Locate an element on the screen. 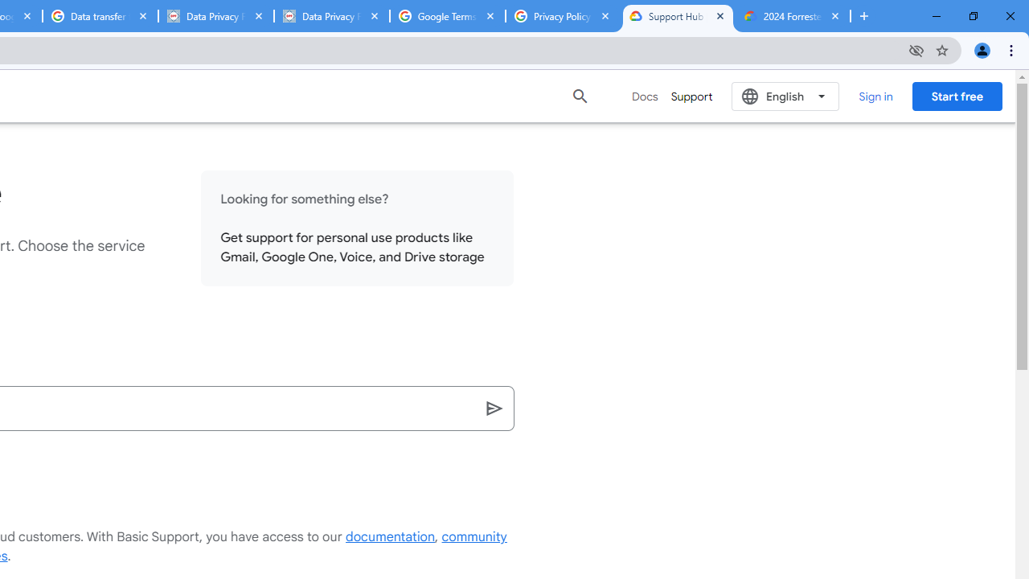 The width and height of the screenshot is (1029, 579). 'documentation' is located at coordinates (390, 537).